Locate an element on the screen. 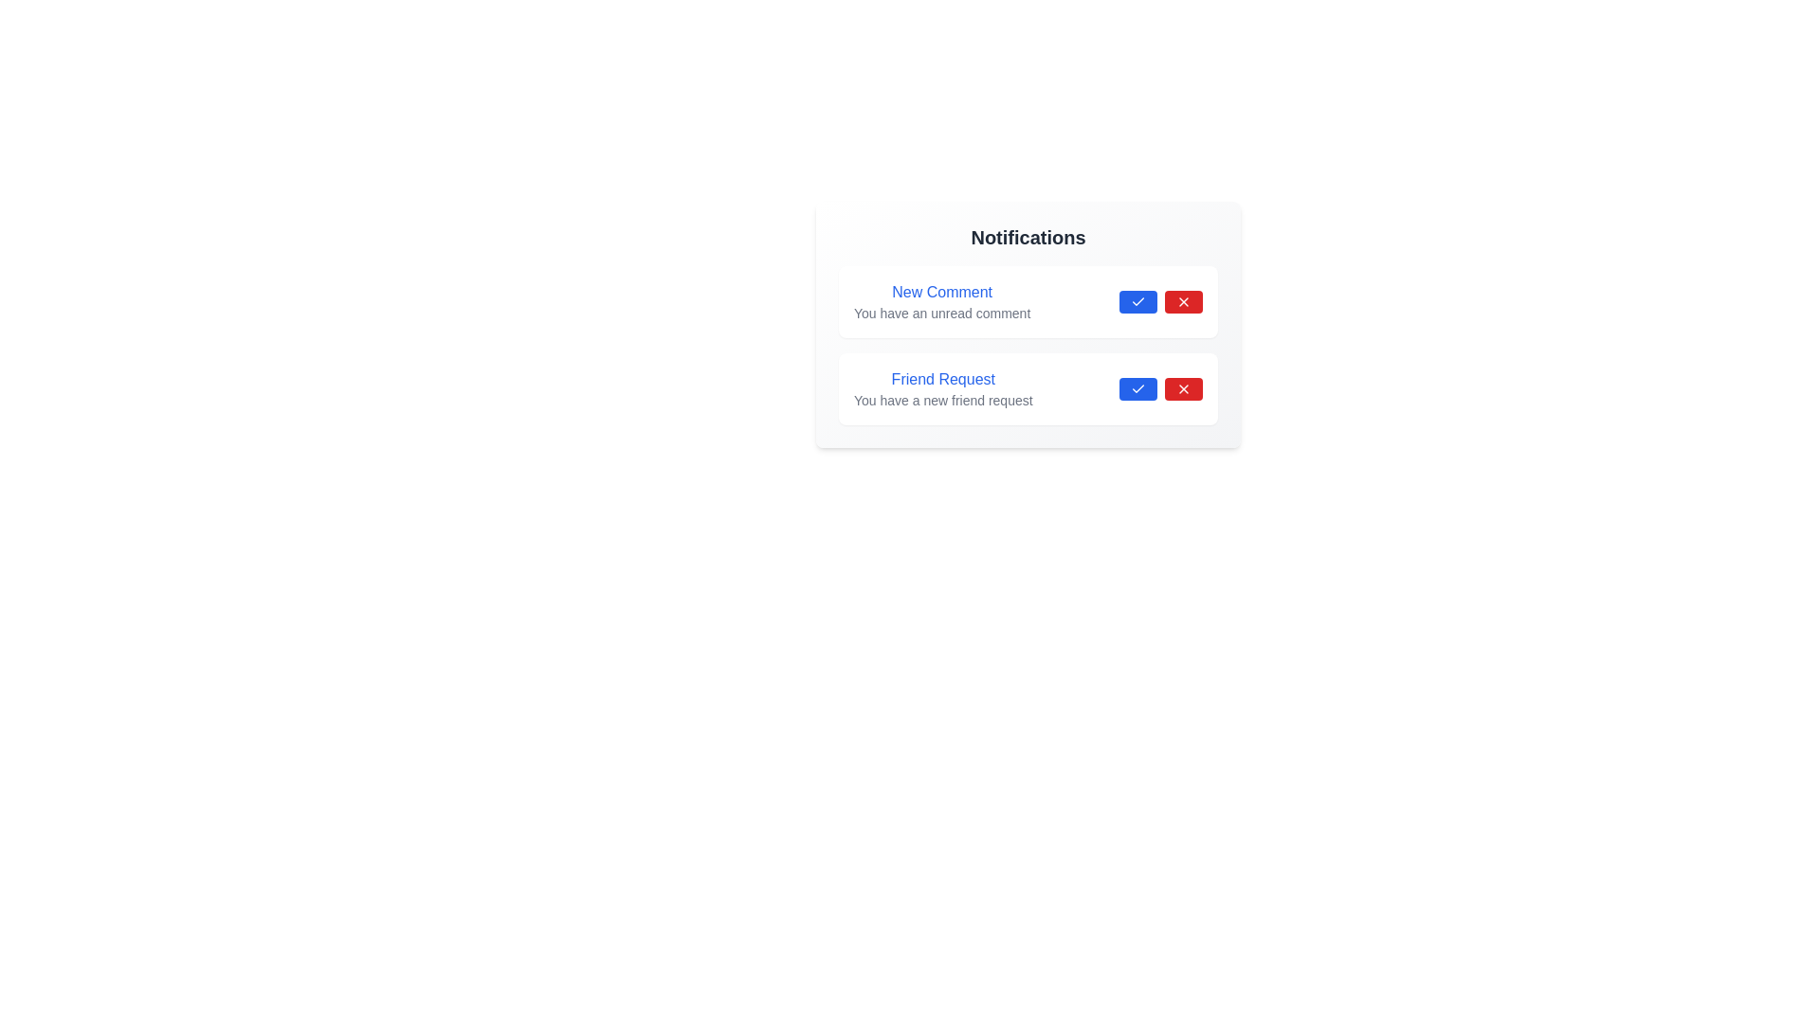 The width and height of the screenshot is (1820, 1023). the red rectangular button with an 'X' icon is located at coordinates (1182, 388).